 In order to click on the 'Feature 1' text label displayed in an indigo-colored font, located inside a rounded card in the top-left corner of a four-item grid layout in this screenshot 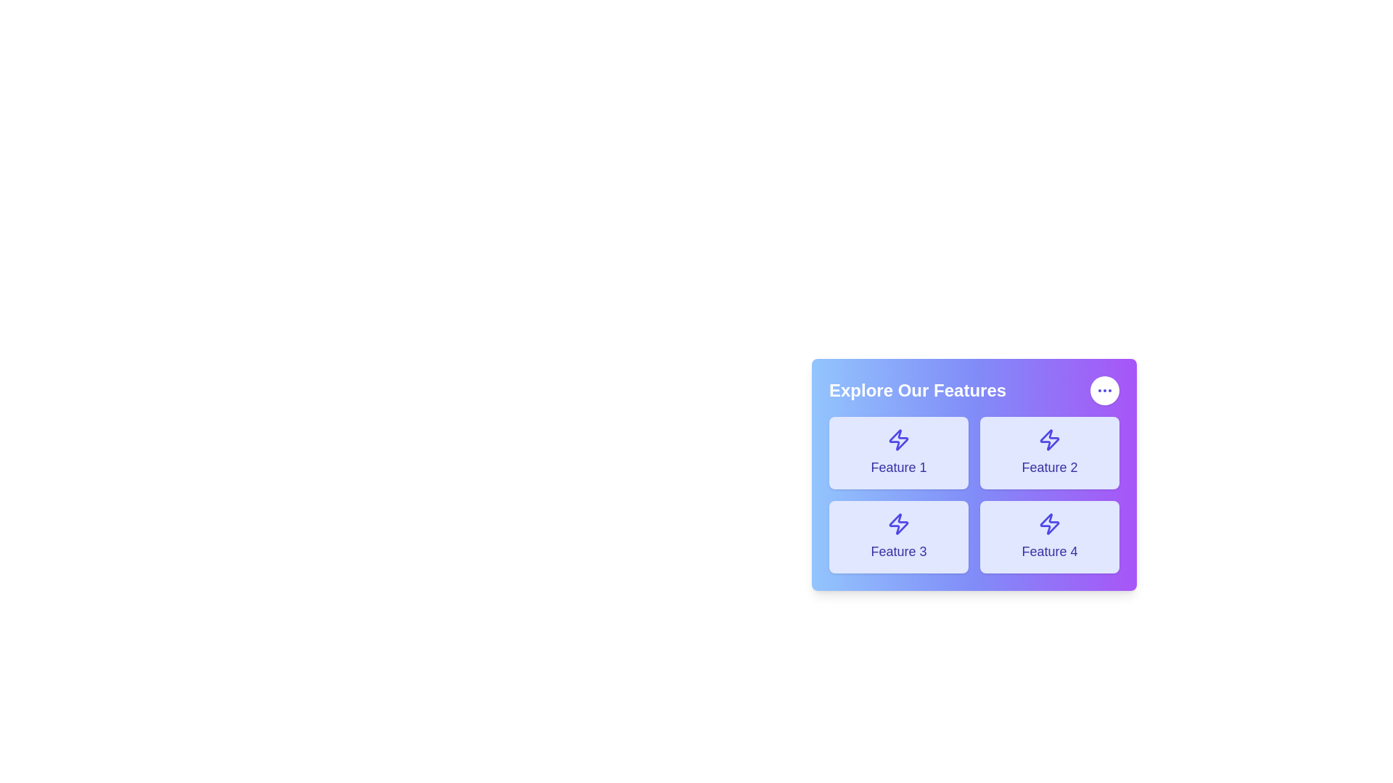, I will do `click(897, 467)`.